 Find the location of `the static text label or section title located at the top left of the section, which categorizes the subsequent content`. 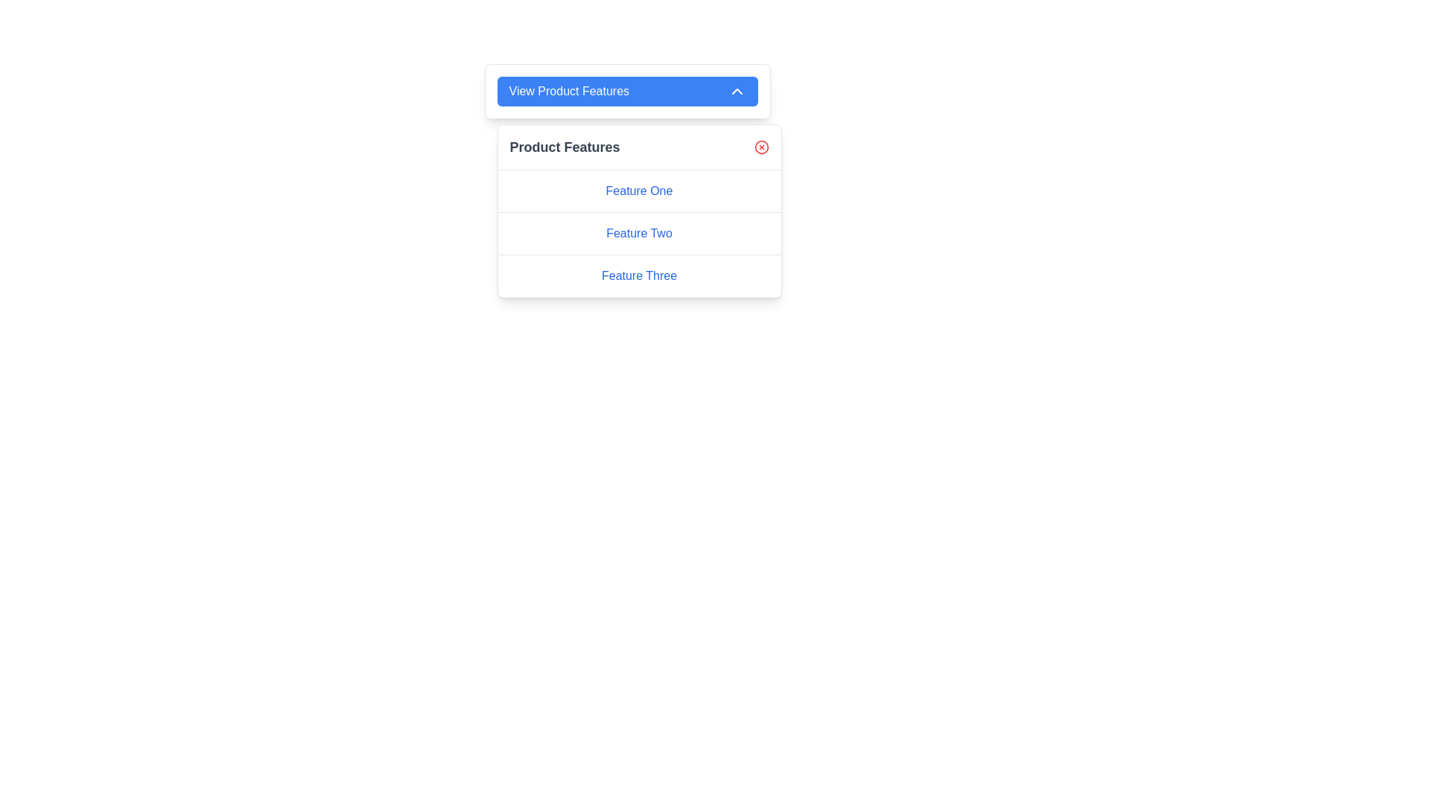

the static text label or section title located at the top left of the section, which categorizes the subsequent content is located at coordinates (564, 147).